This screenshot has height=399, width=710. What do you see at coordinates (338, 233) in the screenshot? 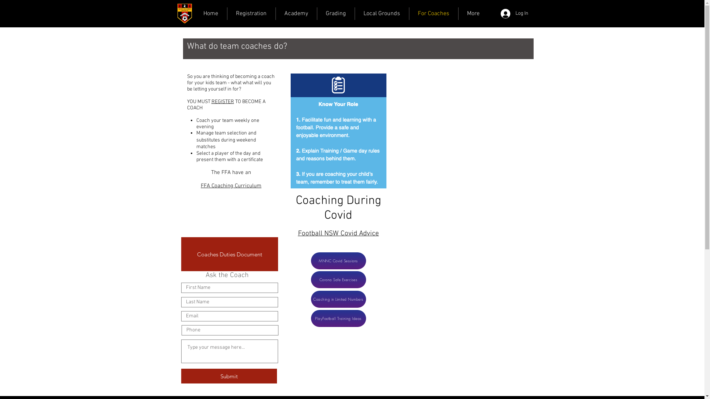
I see `'Football NSW Covid Advice'` at bounding box center [338, 233].